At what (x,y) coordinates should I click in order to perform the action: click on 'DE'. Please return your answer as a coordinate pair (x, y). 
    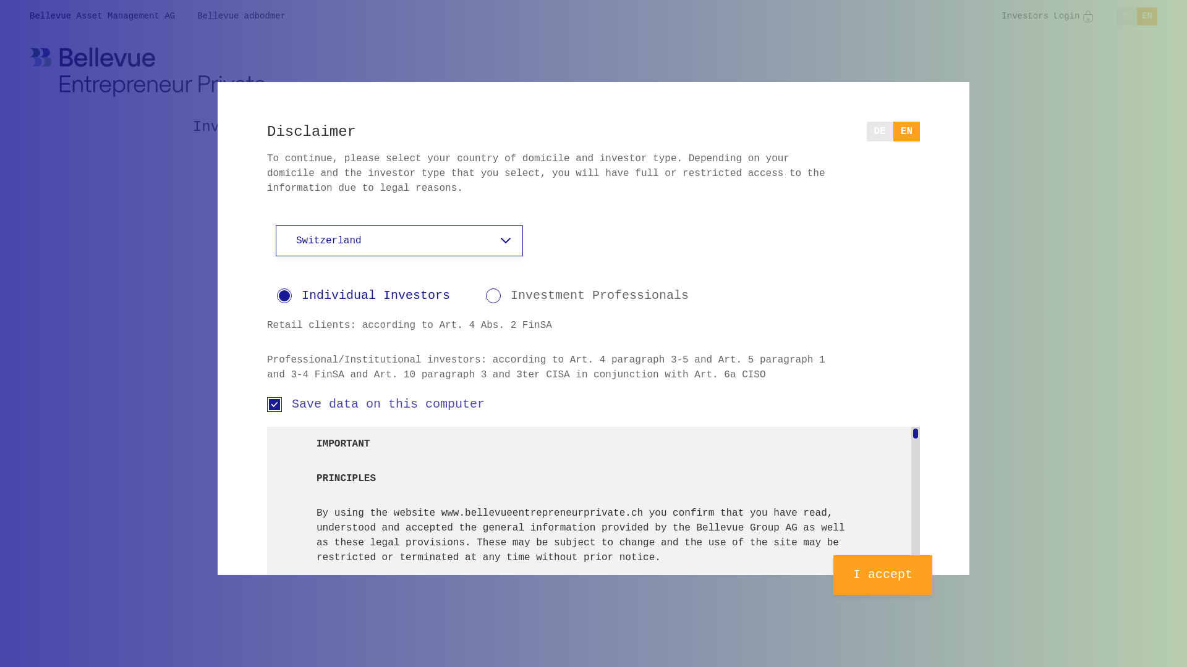
    Looking at the image, I should click on (1116, 16).